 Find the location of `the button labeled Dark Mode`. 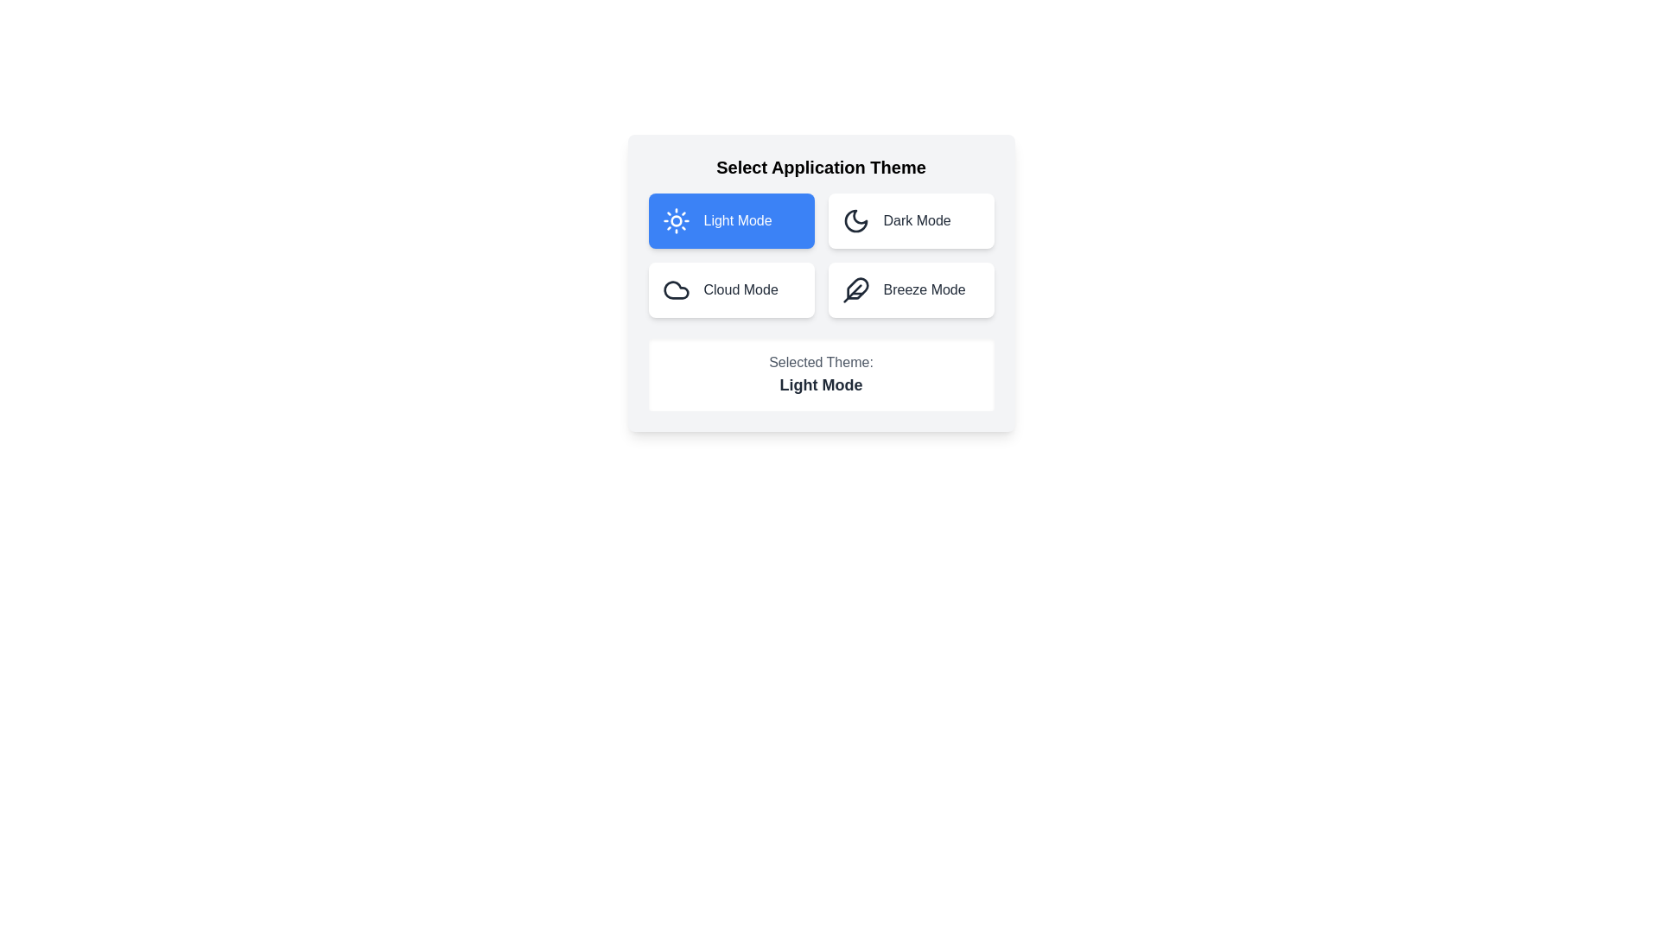

the button labeled Dark Mode is located at coordinates (910, 219).